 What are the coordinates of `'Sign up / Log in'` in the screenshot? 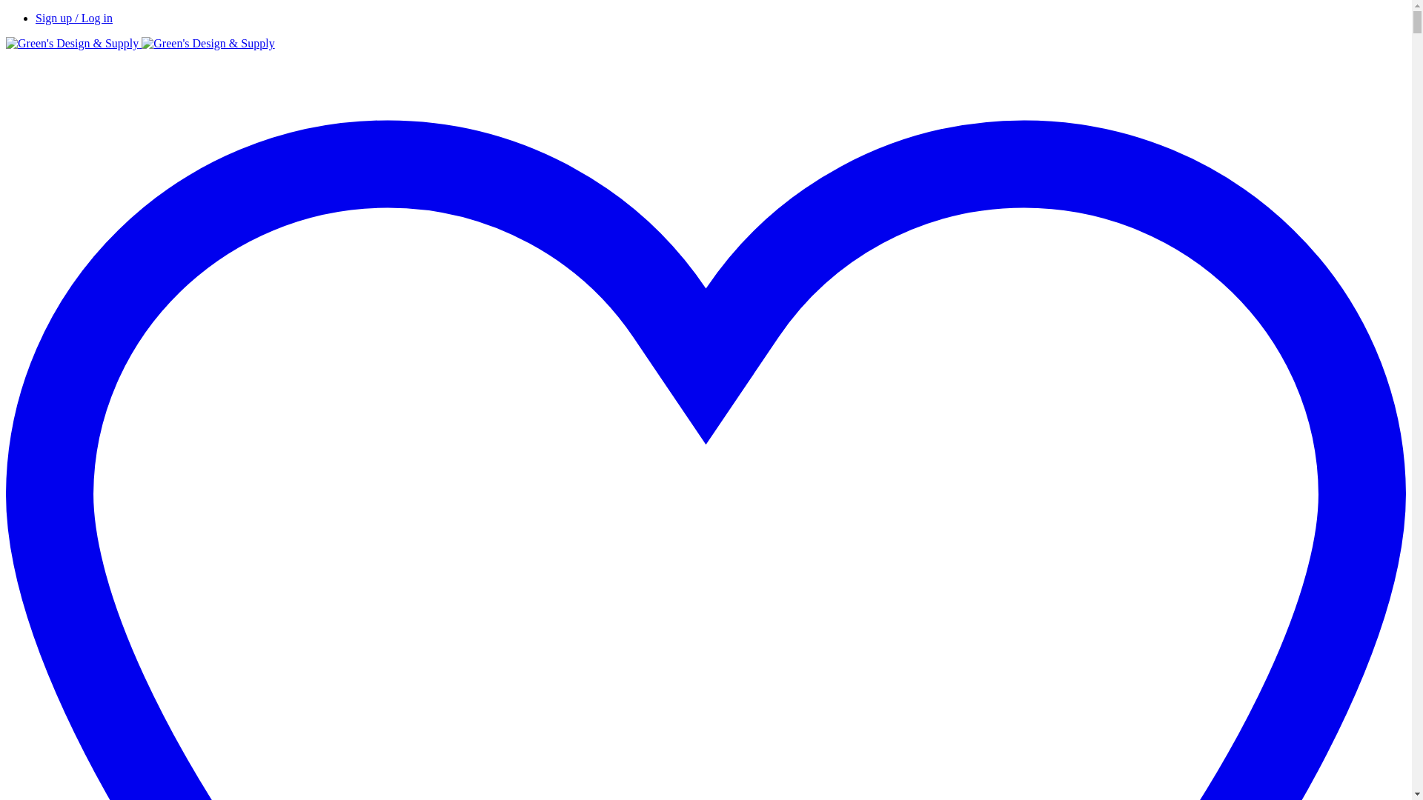 It's located at (73, 18).